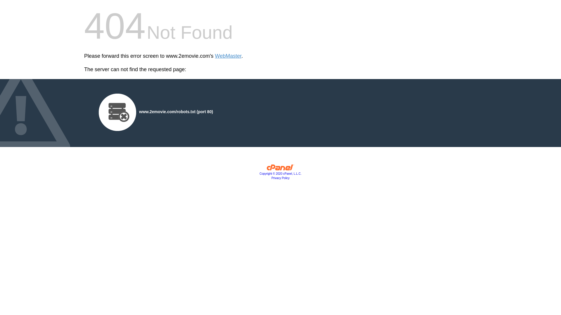  What do you see at coordinates (228, 56) in the screenshot?
I see `'WebMaster'` at bounding box center [228, 56].